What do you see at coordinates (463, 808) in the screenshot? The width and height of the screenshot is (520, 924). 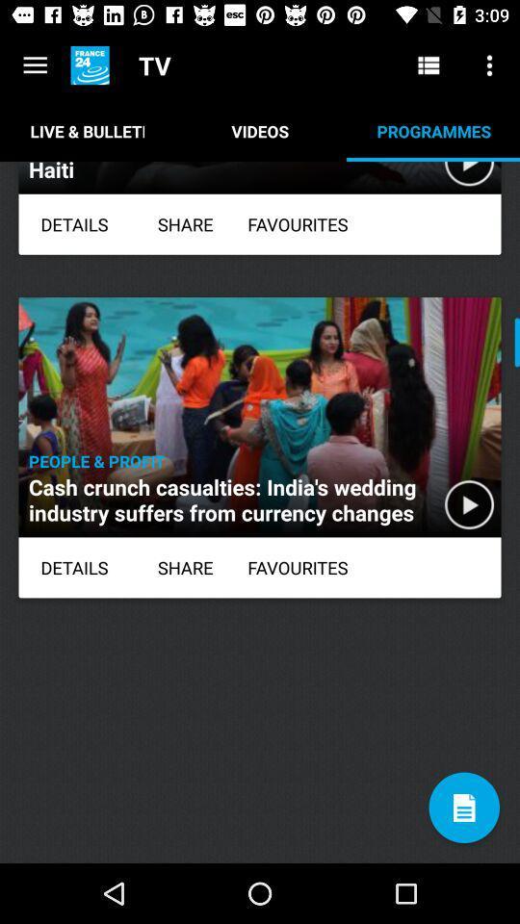 I see `the description icon` at bounding box center [463, 808].